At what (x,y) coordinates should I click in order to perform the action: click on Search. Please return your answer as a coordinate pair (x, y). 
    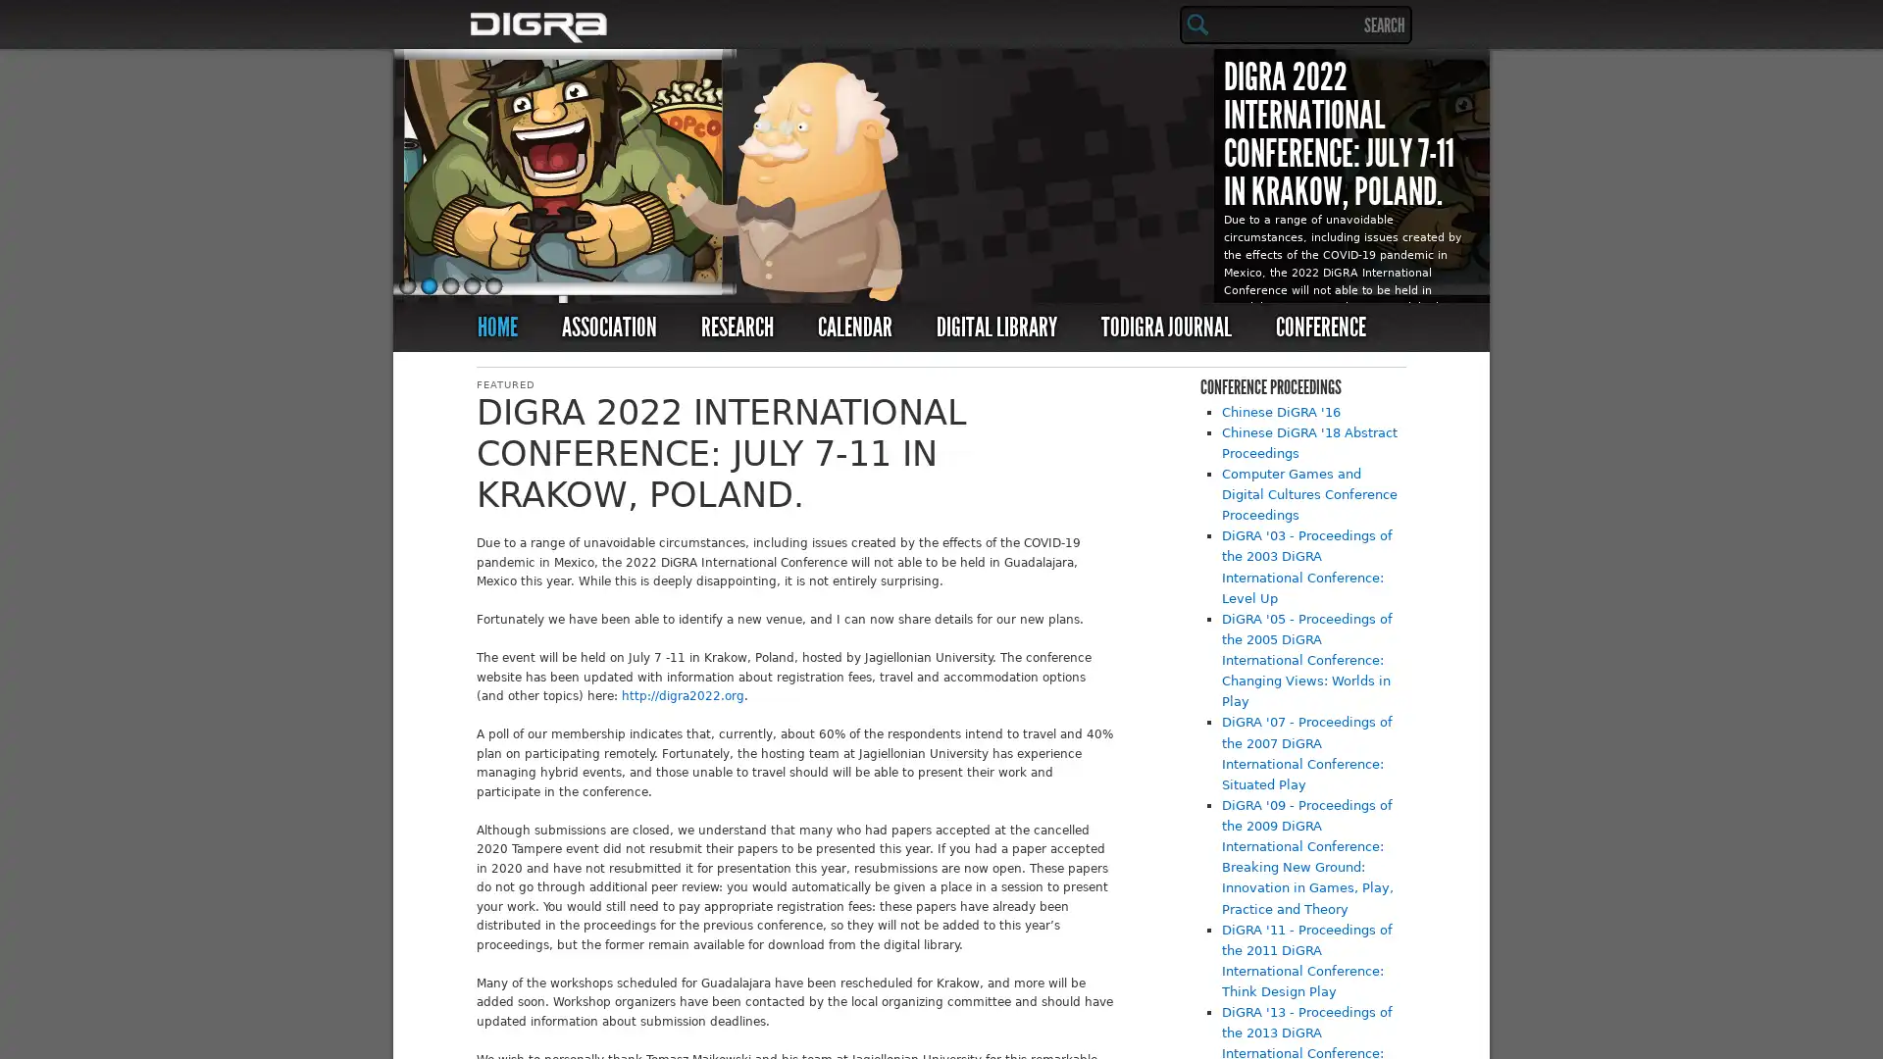
    Looking at the image, I should click on (1196, 25).